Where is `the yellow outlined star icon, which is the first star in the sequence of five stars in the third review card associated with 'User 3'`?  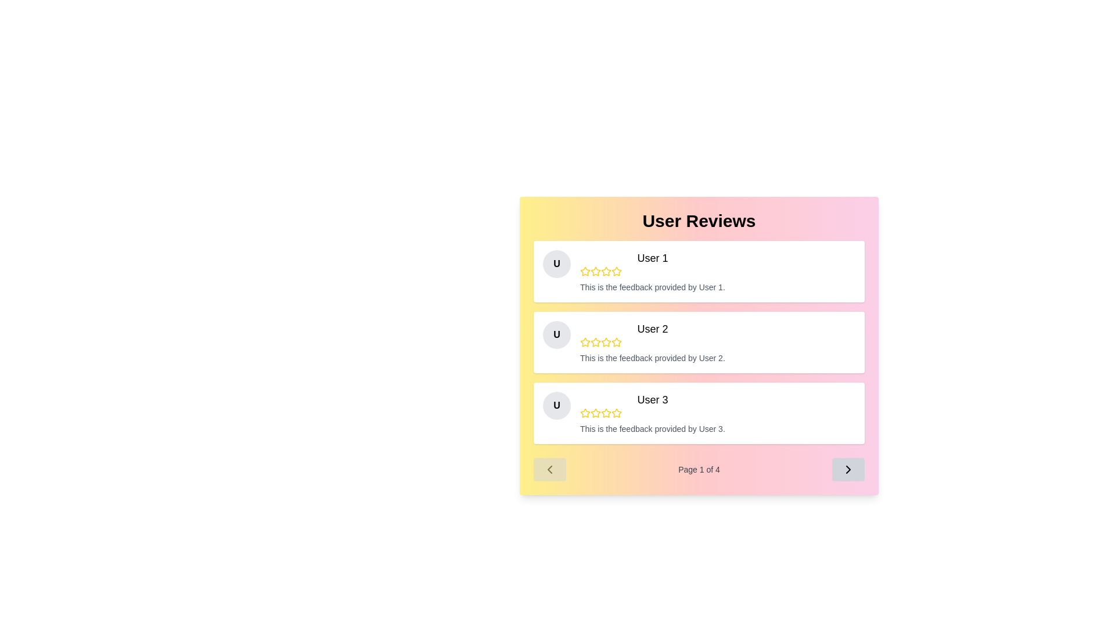 the yellow outlined star icon, which is the first star in the sequence of five stars in the third review card associated with 'User 3' is located at coordinates (585, 413).